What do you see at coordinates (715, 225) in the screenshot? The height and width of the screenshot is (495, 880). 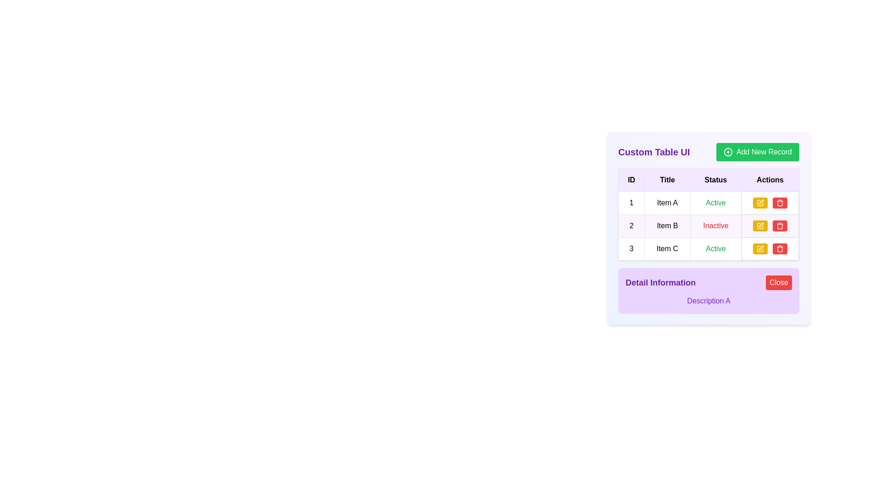 I see `the 'Status' text label in the second row of the data table that indicates the state of the associated record, showing it as inactive` at bounding box center [715, 225].